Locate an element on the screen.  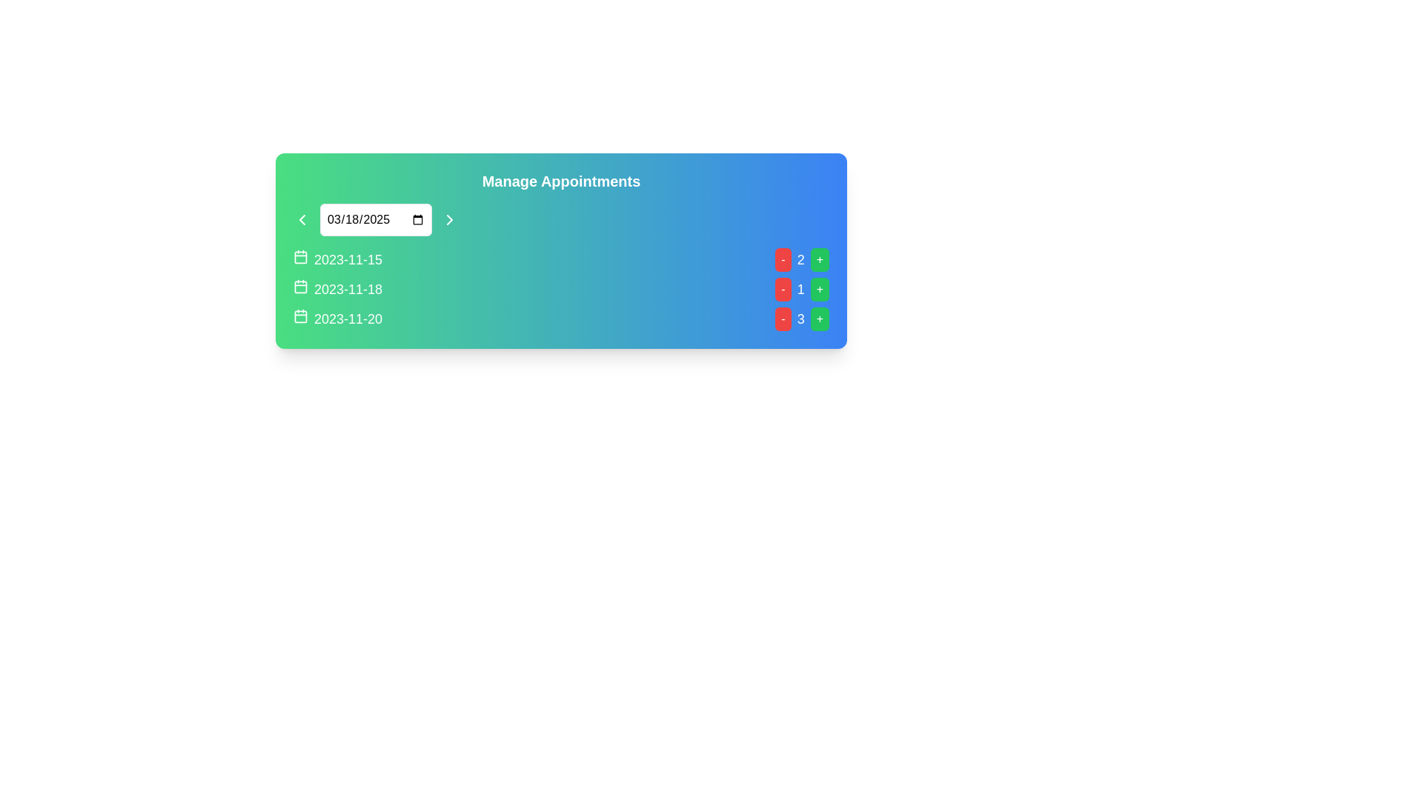
the text '2023-11-15' displayed as the first item in the vertical list of dates under 'Manage Appointments' is located at coordinates (337, 259).